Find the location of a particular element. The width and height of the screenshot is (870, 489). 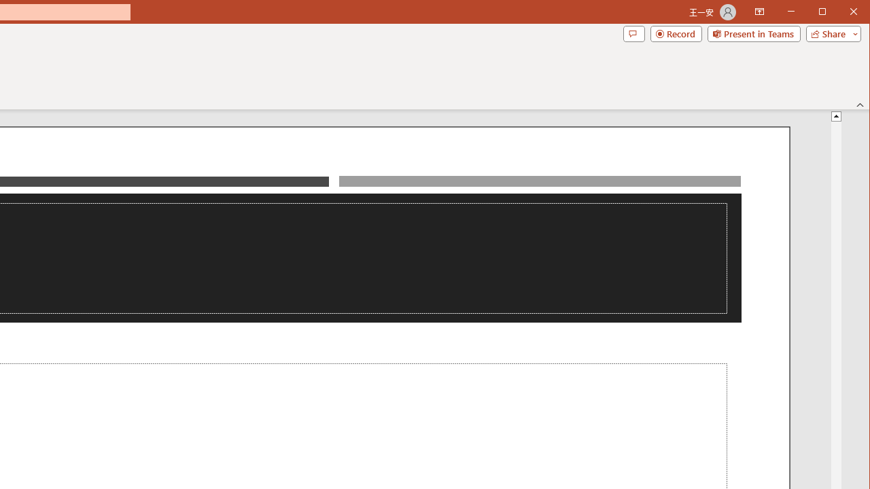

'Collapse the Ribbon' is located at coordinates (860, 104).